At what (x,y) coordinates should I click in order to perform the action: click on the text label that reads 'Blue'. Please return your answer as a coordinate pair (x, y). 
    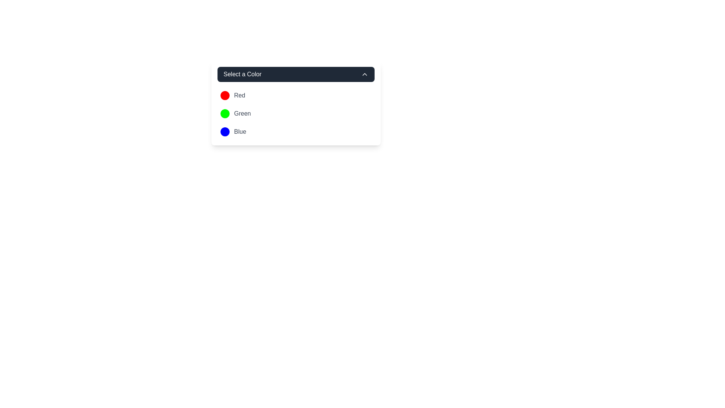
    Looking at the image, I should click on (239, 131).